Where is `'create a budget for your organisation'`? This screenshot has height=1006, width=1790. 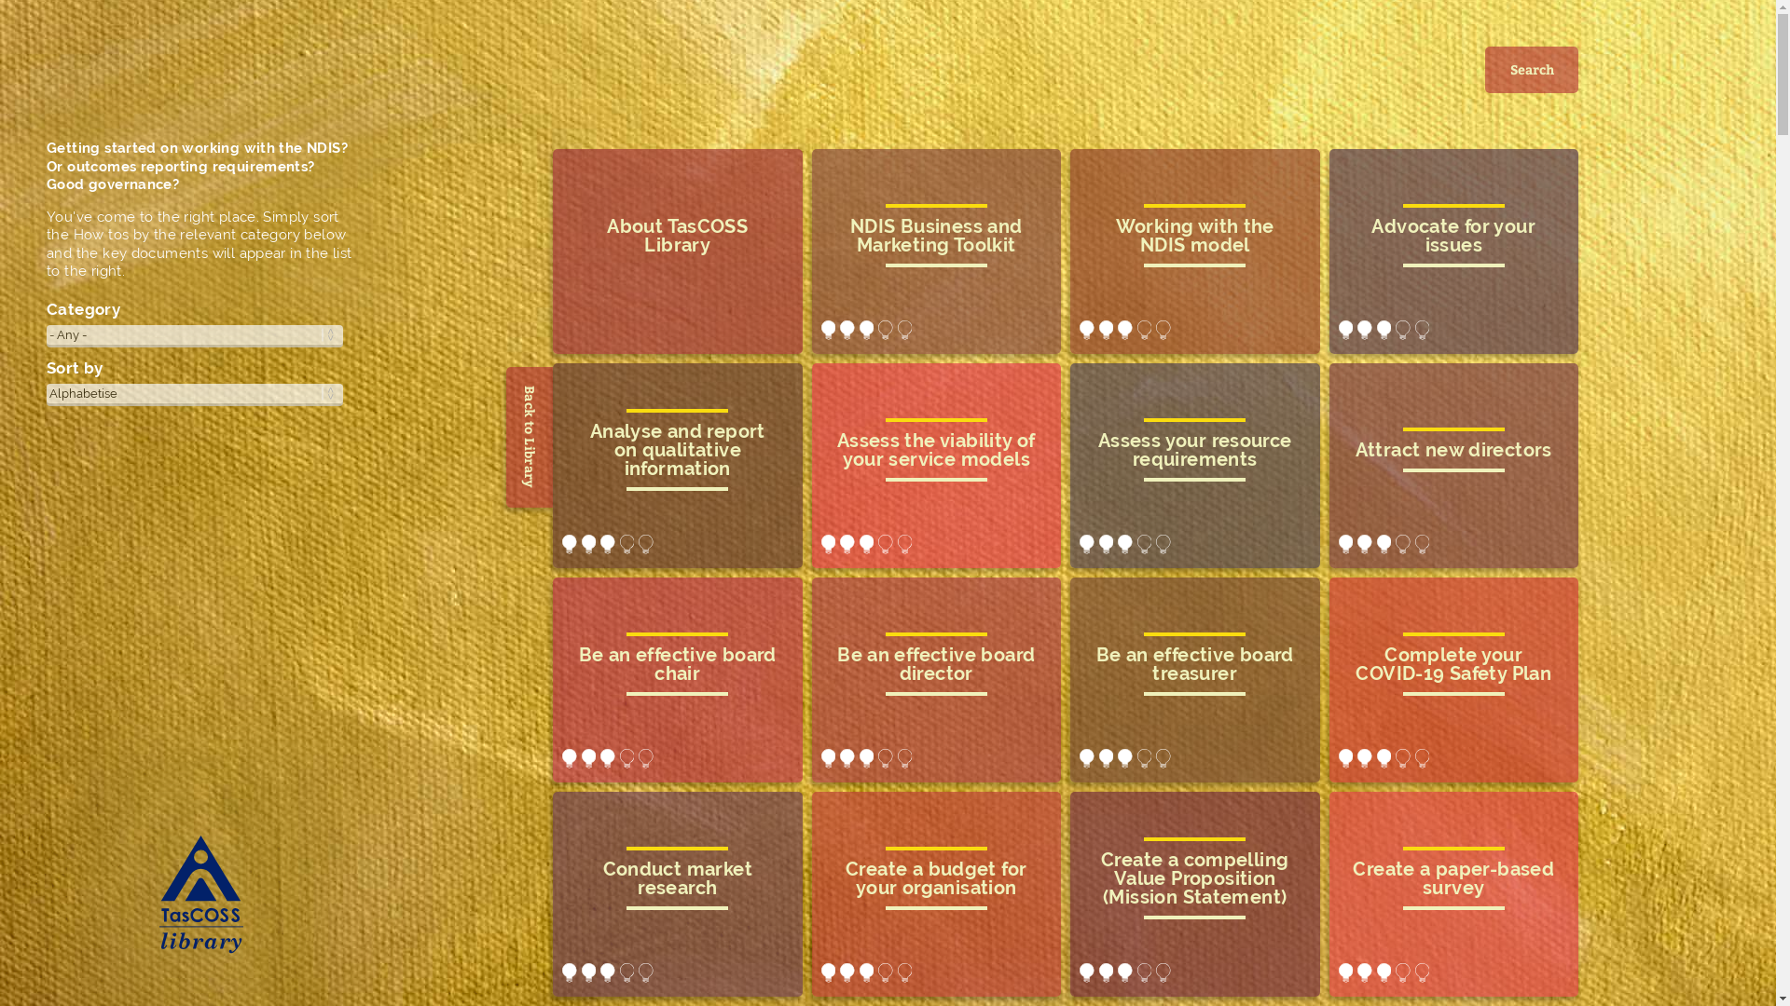
'create a budget for your organisation' is located at coordinates (935, 893).